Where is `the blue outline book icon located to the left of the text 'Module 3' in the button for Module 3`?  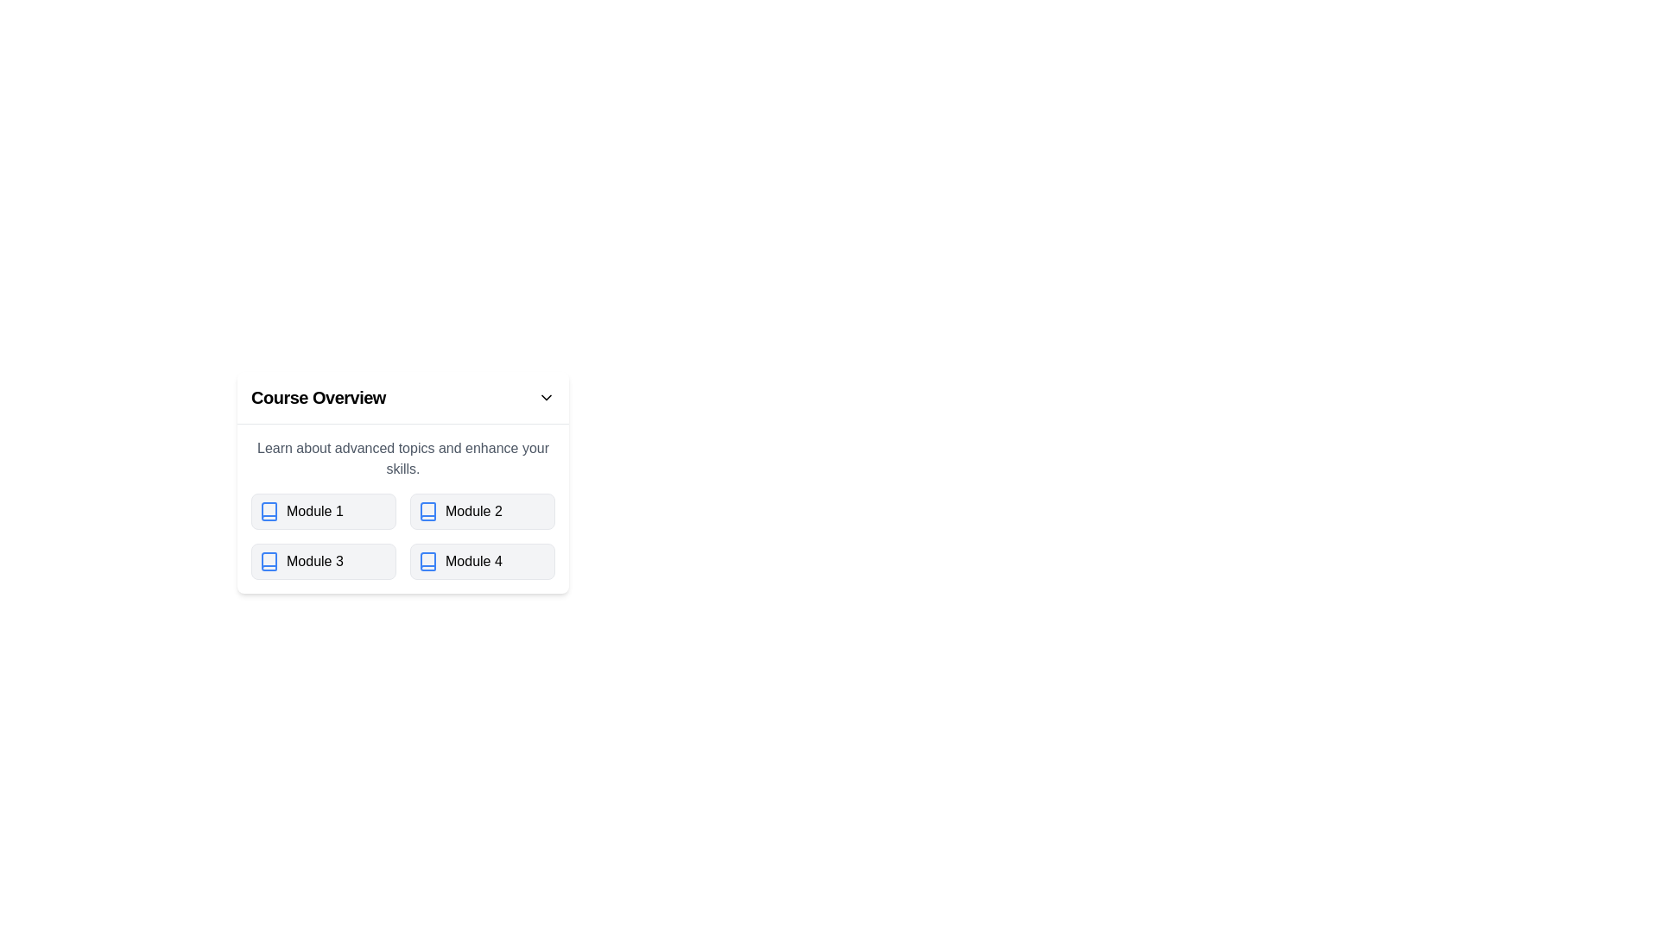
the blue outline book icon located to the left of the text 'Module 3' in the button for Module 3 is located at coordinates (269, 562).